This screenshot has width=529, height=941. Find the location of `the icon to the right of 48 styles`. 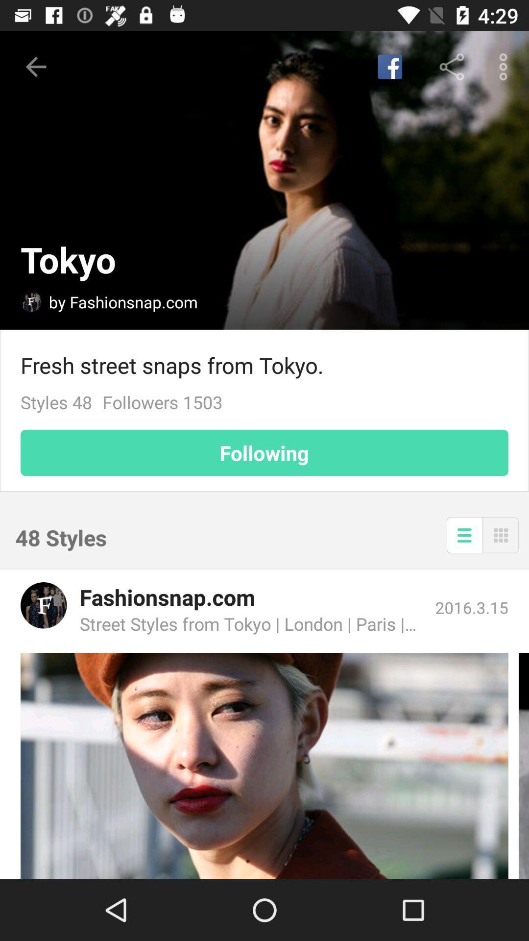

the icon to the right of 48 styles is located at coordinates (464, 534).